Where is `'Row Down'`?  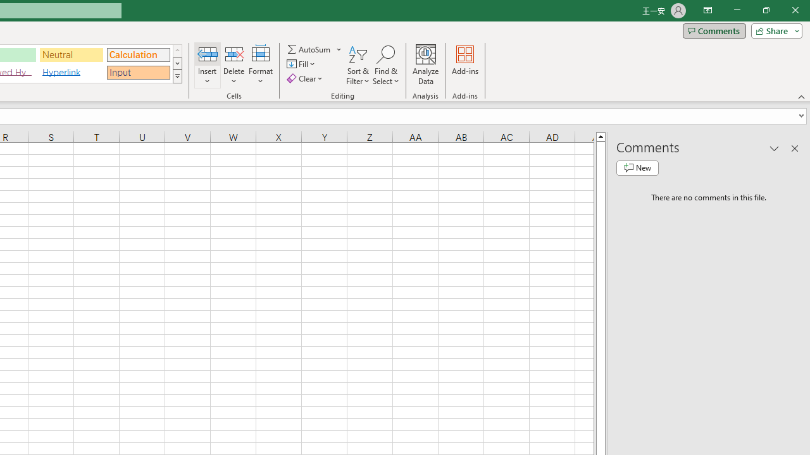 'Row Down' is located at coordinates (177, 63).